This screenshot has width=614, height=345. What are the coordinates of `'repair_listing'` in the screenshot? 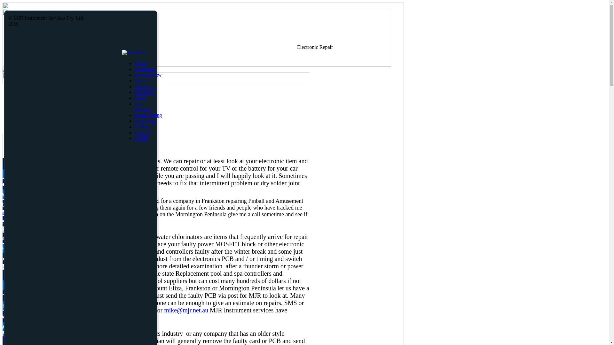 It's located at (148, 115).